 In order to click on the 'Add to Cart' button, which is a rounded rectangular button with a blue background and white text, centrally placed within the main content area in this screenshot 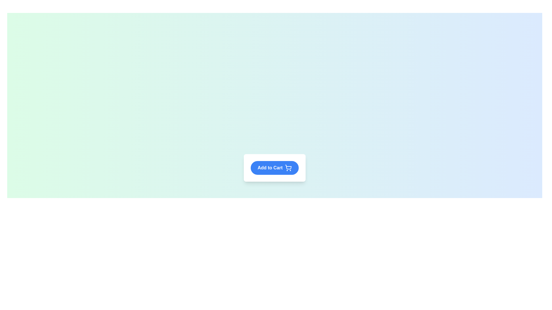, I will do `click(274, 168)`.